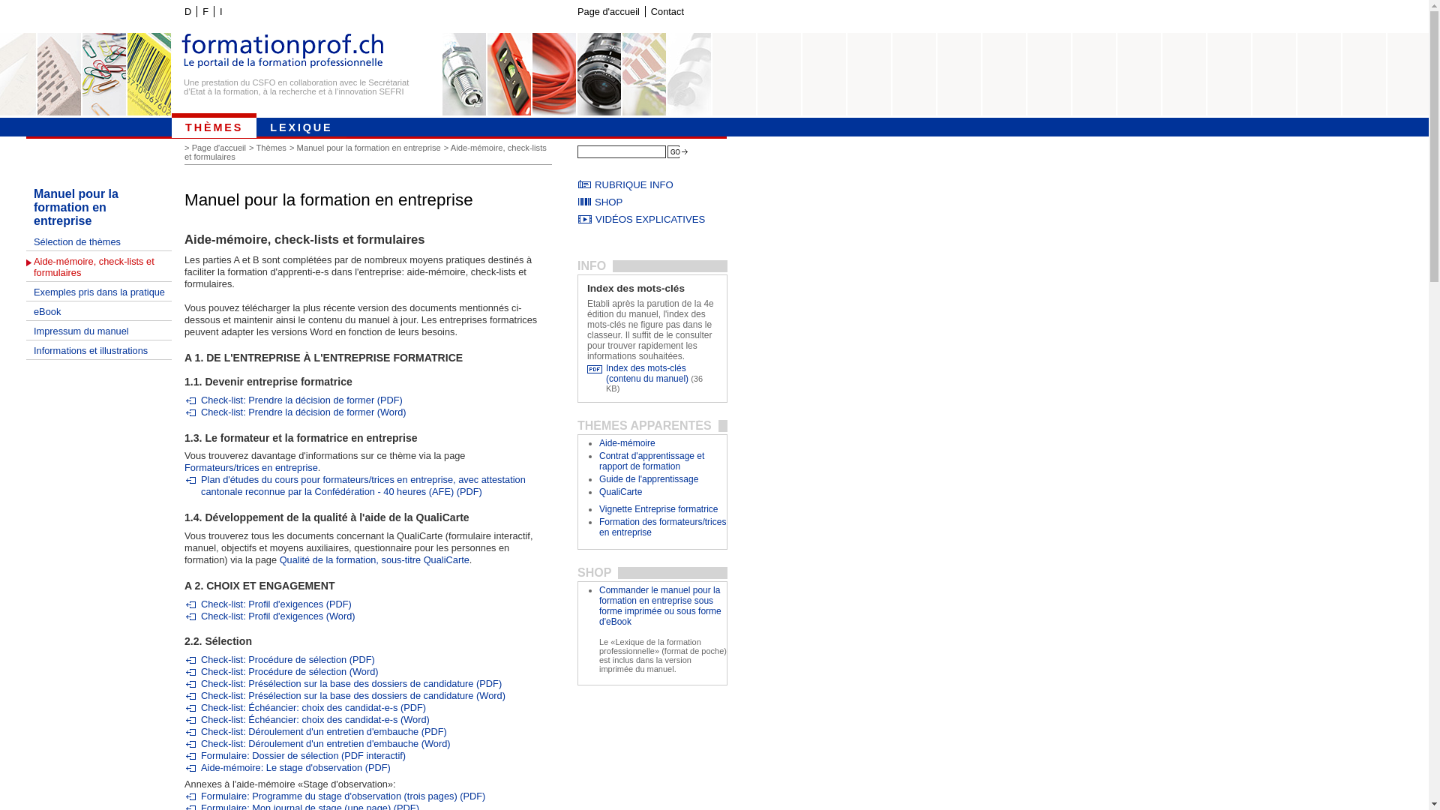 The image size is (1440, 810). What do you see at coordinates (598, 479) in the screenshot?
I see `'Guide de l'apprentissage'` at bounding box center [598, 479].